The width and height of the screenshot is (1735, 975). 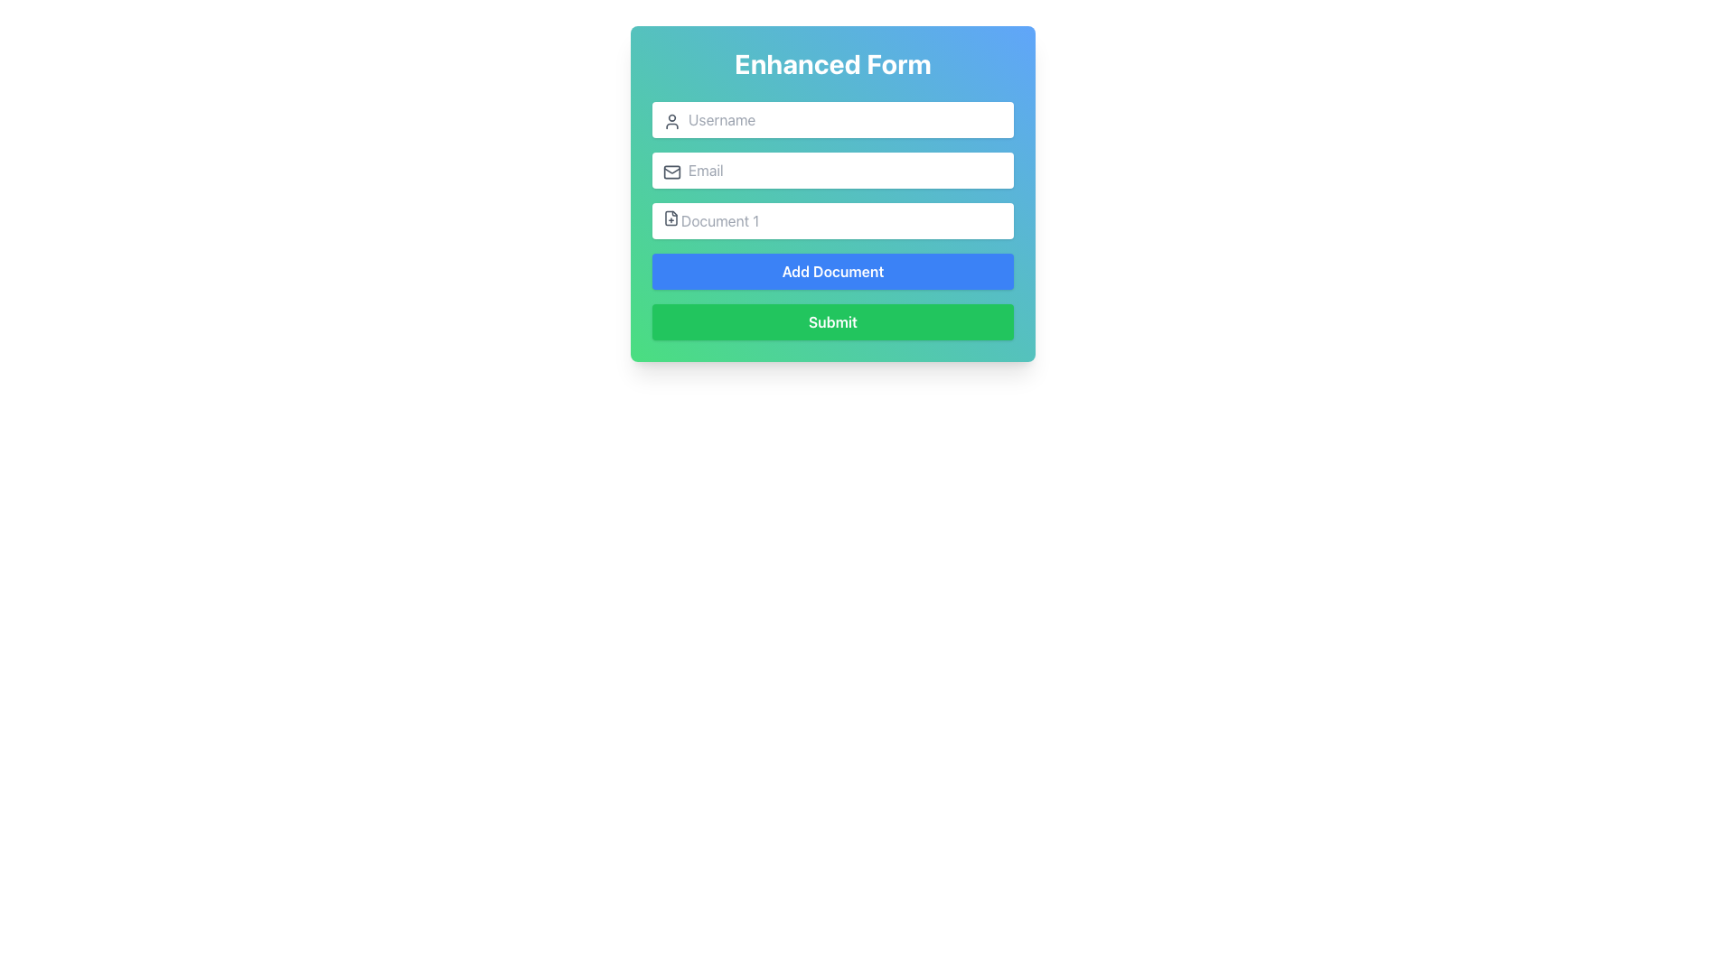 I want to click on the button located below the input field labeled 'Document 1' to initiate the action of adding a document, so click(x=831, y=271).